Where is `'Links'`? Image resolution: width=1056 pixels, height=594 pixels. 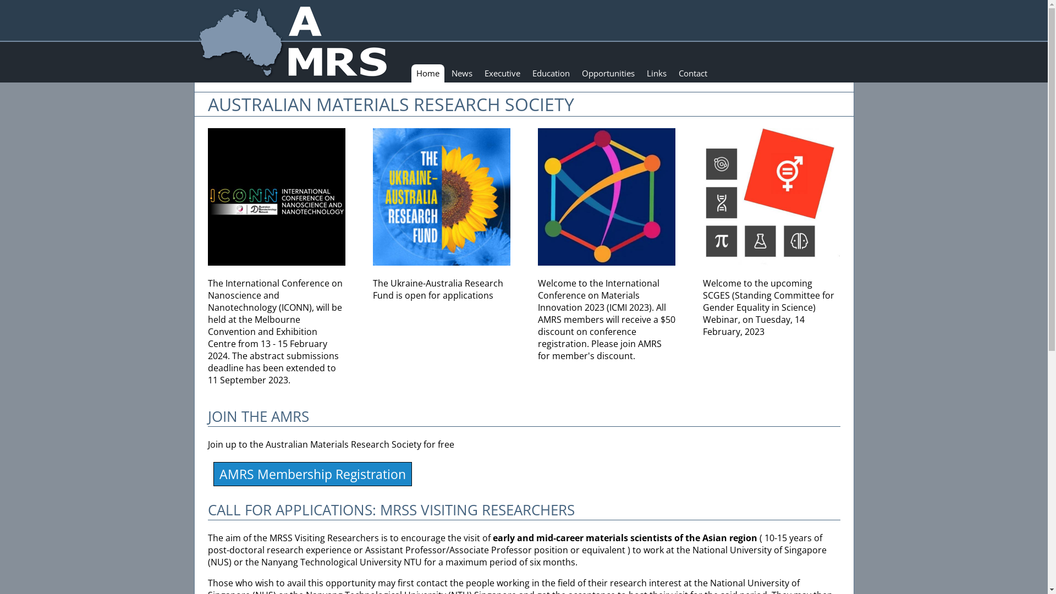
'Links' is located at coordinates (656, 73).